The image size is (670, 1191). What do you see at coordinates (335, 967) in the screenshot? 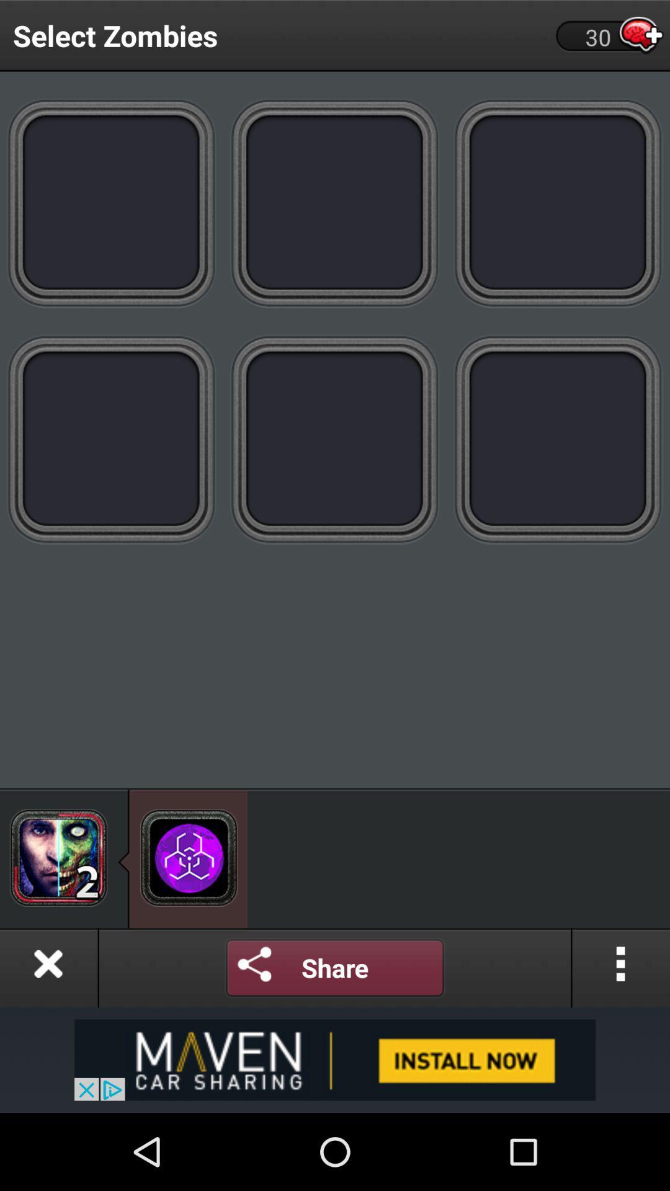
I see `share it` at bounding box center [335, 967].